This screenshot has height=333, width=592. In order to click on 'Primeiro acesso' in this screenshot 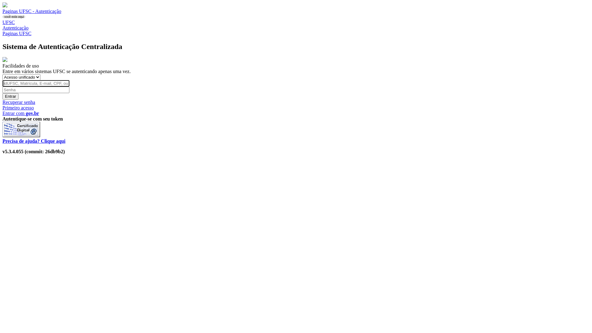, I will do `click(18, 107)`.